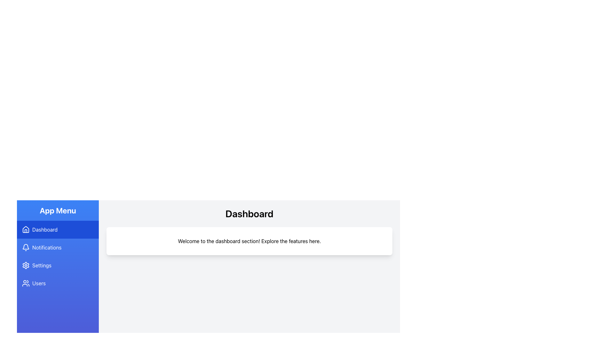 This screenshot has width=614, height=345. I want to click on the 'Dashboard' text label in the sidebar menu, which is positioned just below the 'App Menu' label and accompanied by a house icon, so click(44, 229).